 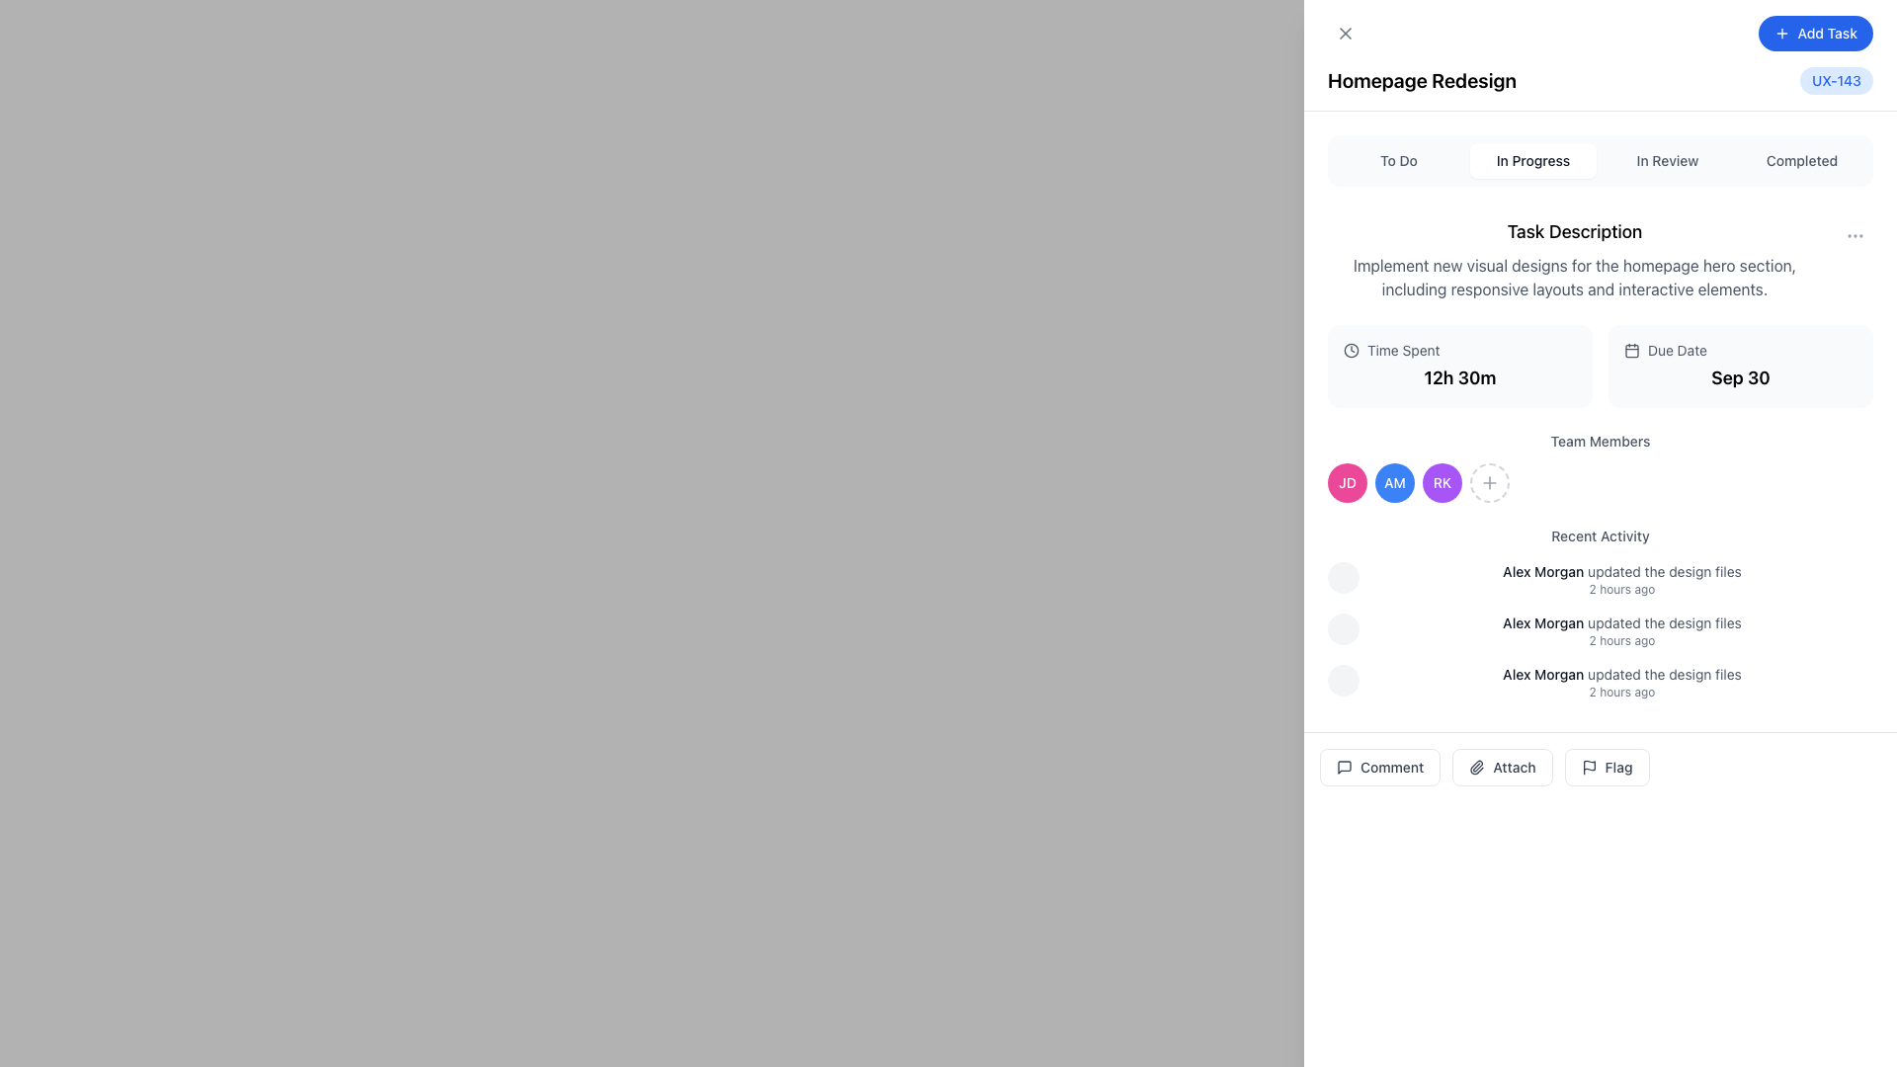 What do you see at coordinates (1854, 235) in the screenshot?
I see `the button with an ellipsis icon located at the top-right corner of the 'Task Description' section` at bounding box center [1854, 235].